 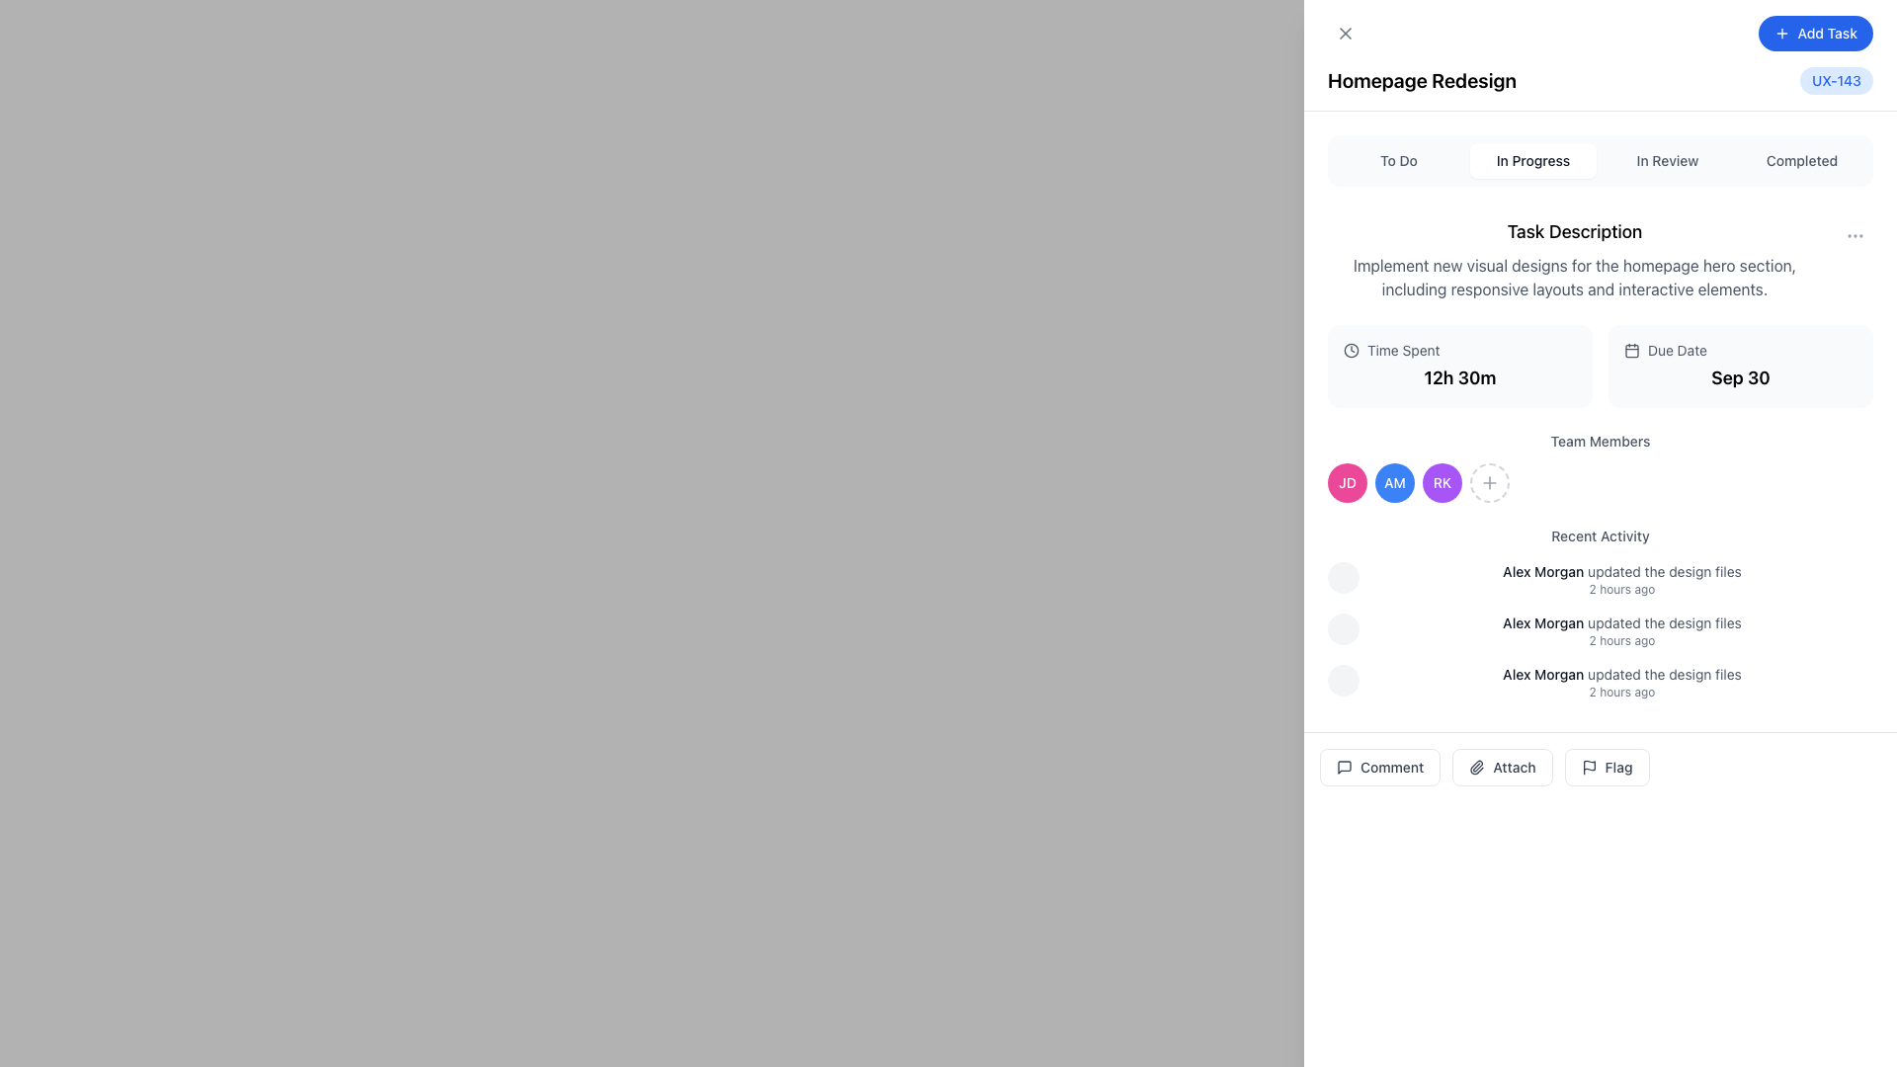 What do you see at coordinates (1854, 235) in the screenshot?
I see `the button with an ellipsis icon located at the top-right corner of the 'Task Description' section` at bounding box center [1854, 235].